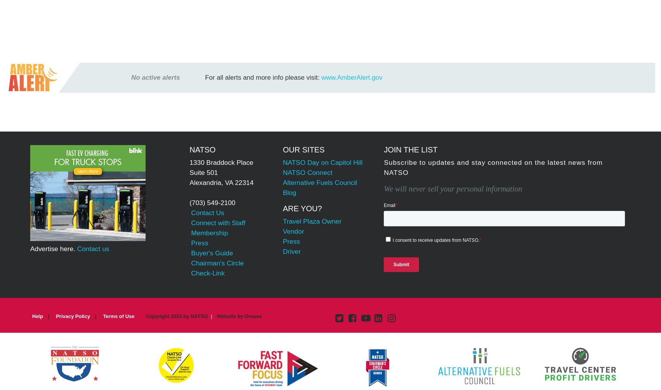  What do you see at coordinates (307, 172) in the screenshot?
I see `'NATSO Connect'` at bounding box center [307, 172].